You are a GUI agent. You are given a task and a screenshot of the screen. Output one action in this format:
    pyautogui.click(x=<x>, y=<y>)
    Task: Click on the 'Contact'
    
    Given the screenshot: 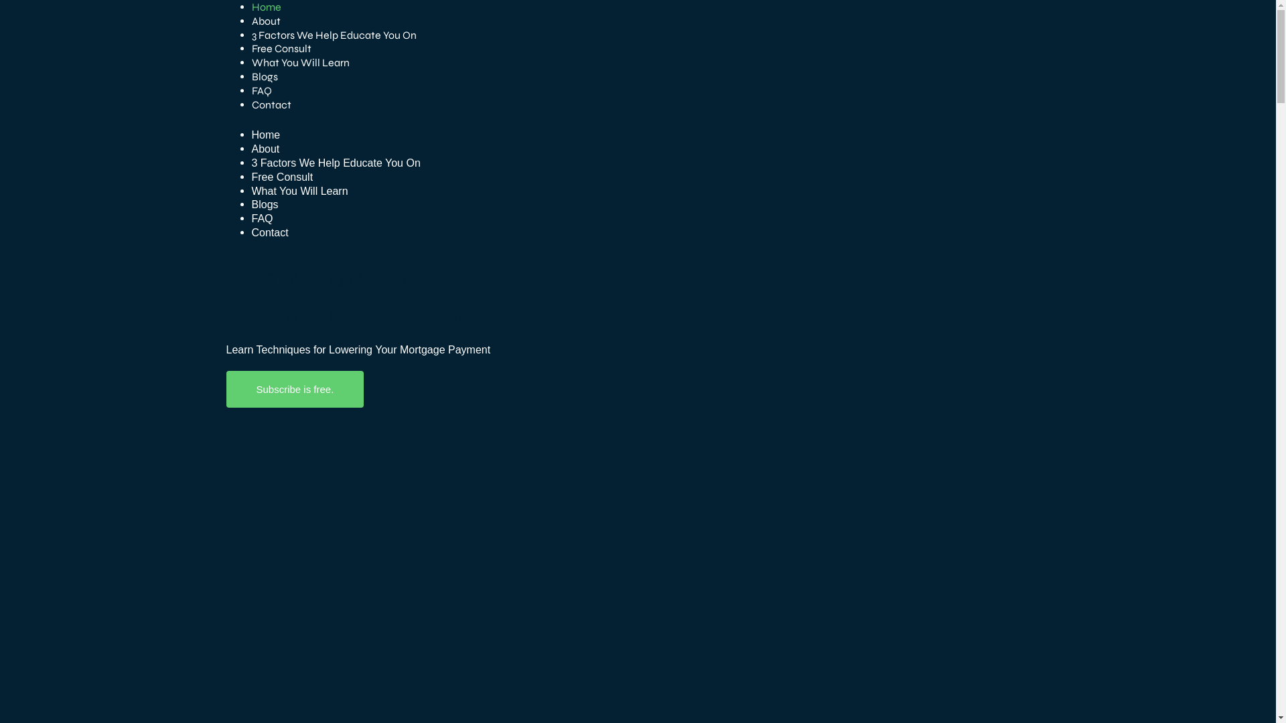 What is the action you would take?
    pyautogui.click(x=271, y=104)
    